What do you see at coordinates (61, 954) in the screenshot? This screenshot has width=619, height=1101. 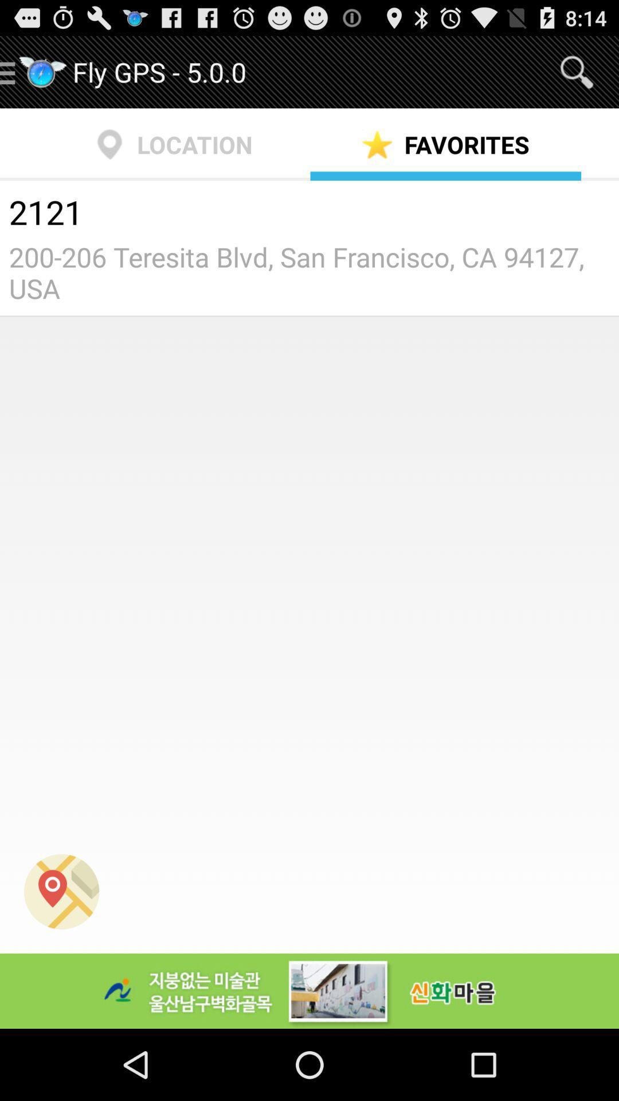 I see `the location icon` at bounding box center [61, 954].